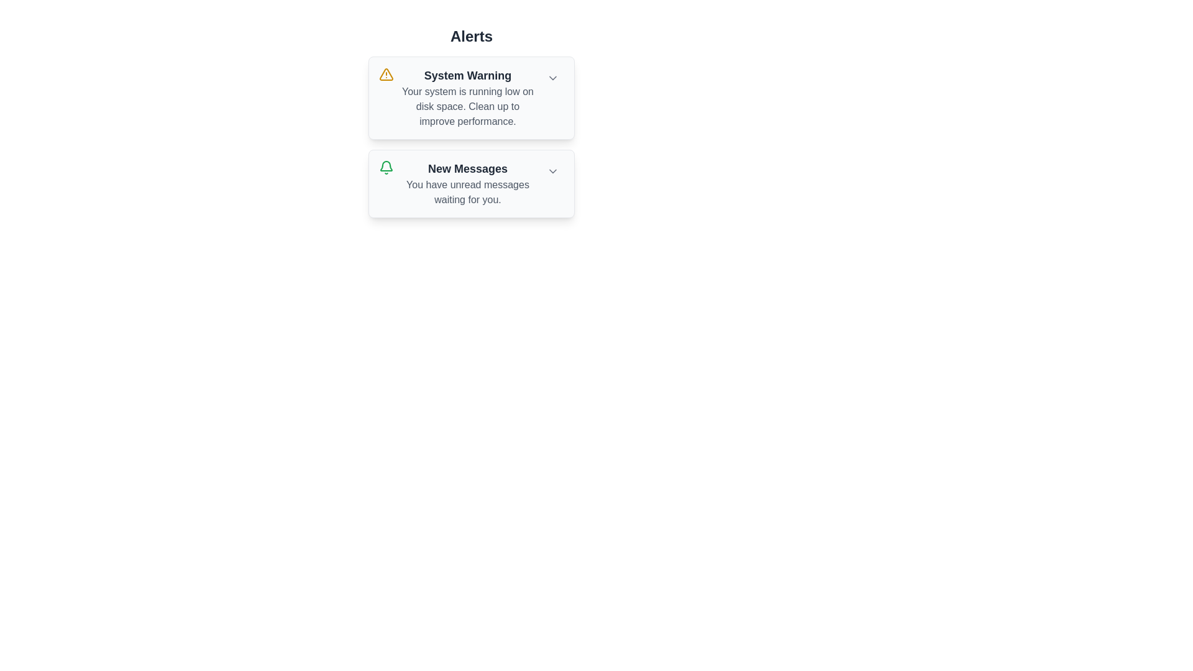 This screenshot has width=1193, height=671. What do you see at coordinates (401, 67) in the screenshot?
I see `the text of the alert and copy it to the clipboard` at bounding box center [401, 67].